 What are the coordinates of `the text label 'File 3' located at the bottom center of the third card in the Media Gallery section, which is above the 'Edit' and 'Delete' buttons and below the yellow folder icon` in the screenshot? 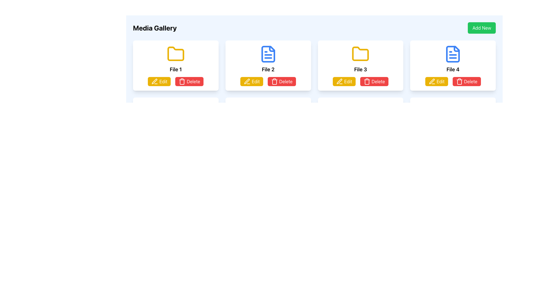 It's located at (360, 69).